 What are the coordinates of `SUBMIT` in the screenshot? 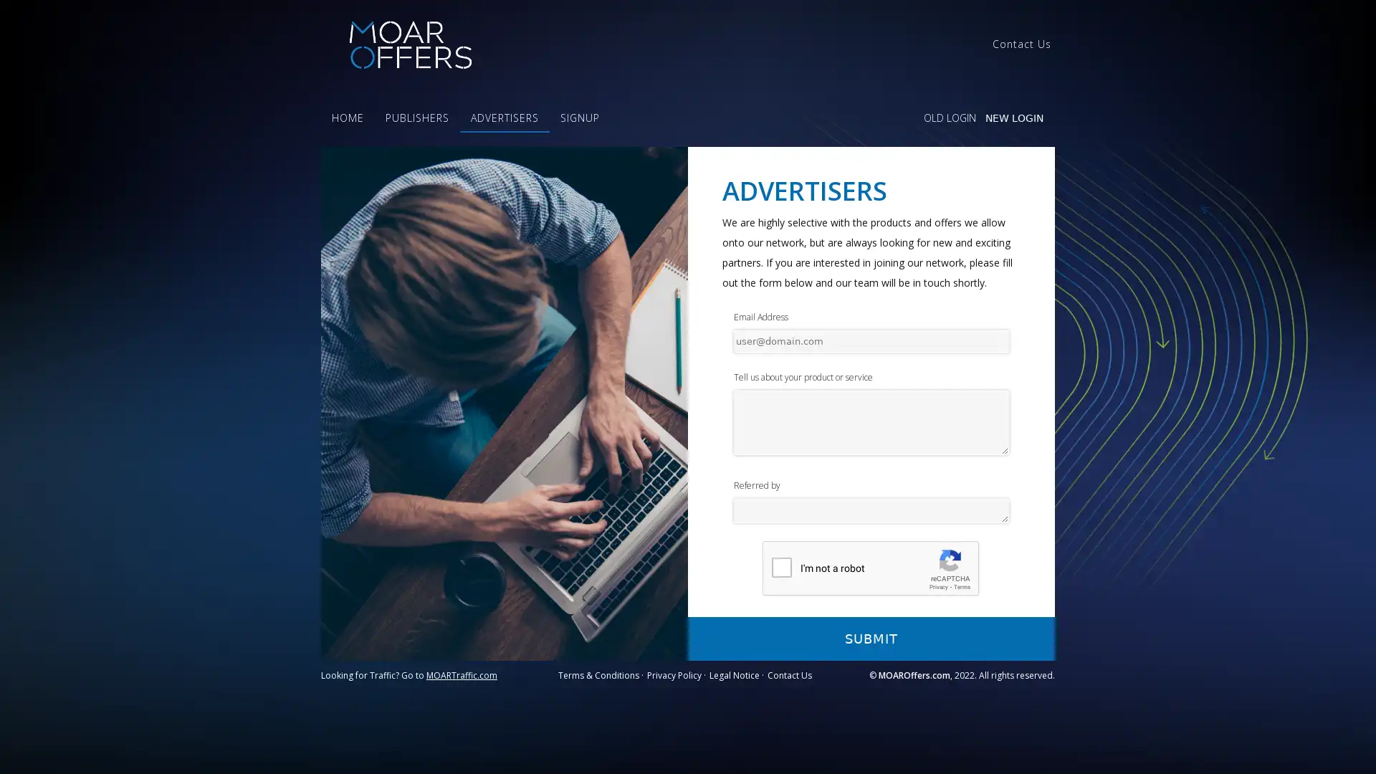 It's located at (870, 638).